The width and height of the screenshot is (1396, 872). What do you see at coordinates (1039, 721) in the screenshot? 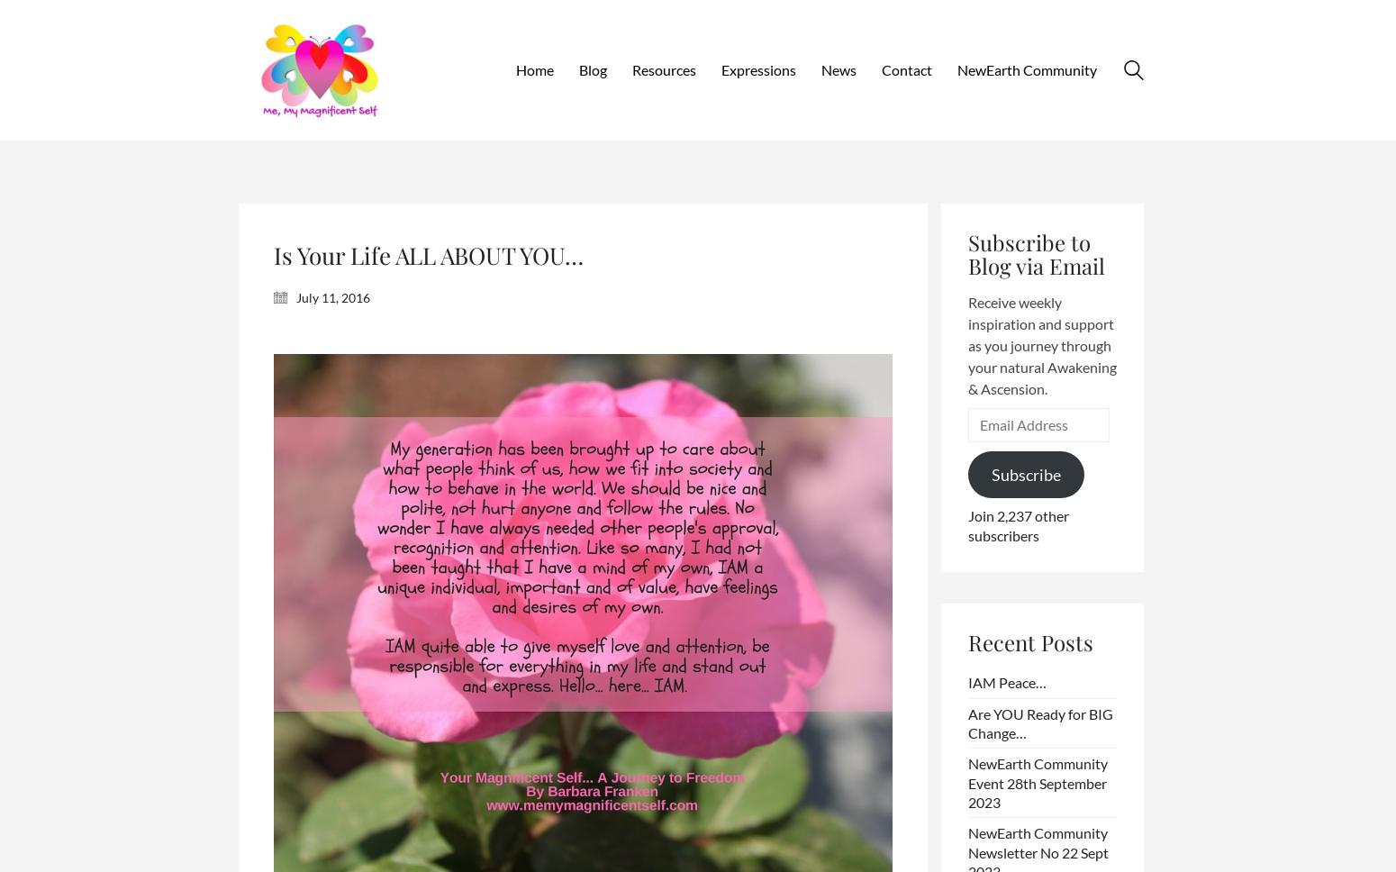
I see `'Are YOU Ready for BIG Change…'` at bounding box center [1039, 721].